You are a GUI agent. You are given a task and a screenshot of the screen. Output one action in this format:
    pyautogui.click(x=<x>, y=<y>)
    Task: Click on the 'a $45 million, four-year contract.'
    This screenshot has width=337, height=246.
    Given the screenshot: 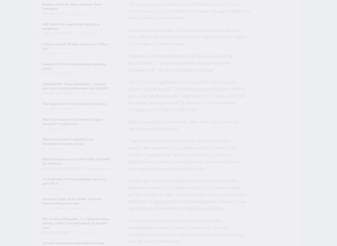 What is the action you would take?
    pyautogui.click(x=157, y=17)
    